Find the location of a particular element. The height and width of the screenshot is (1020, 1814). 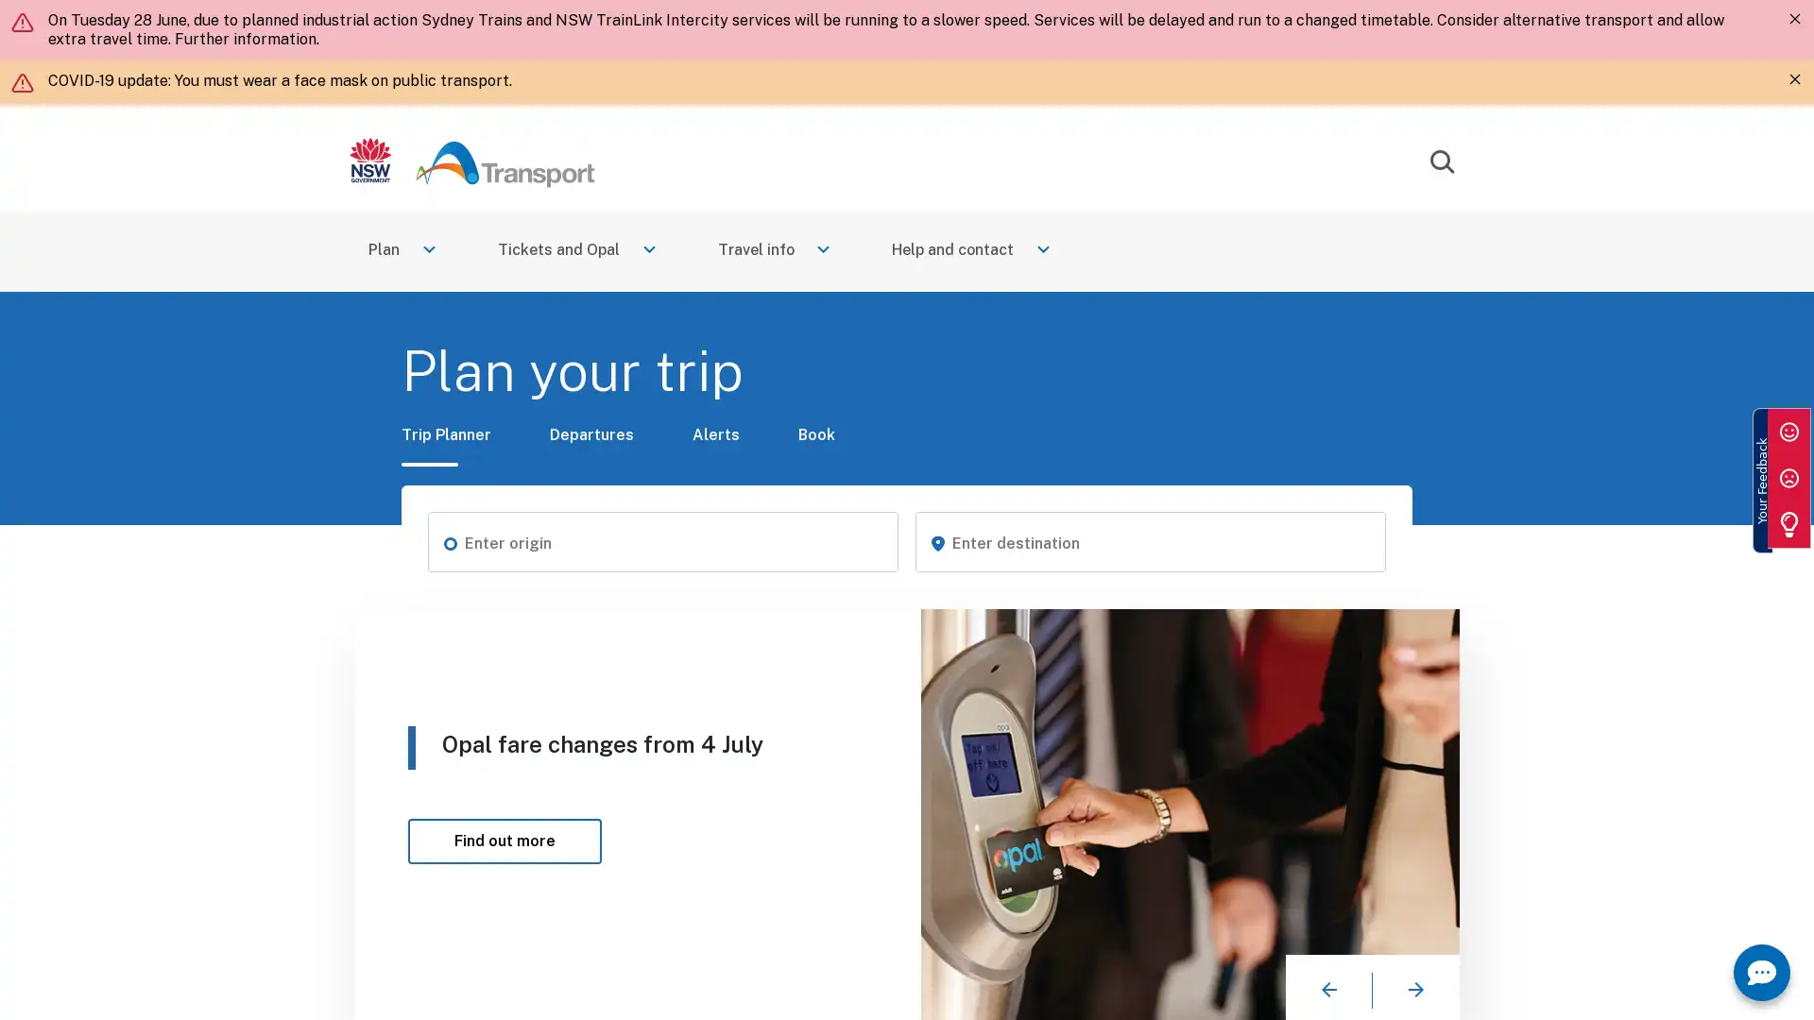

search for stops is located at coordinates (448, 542).